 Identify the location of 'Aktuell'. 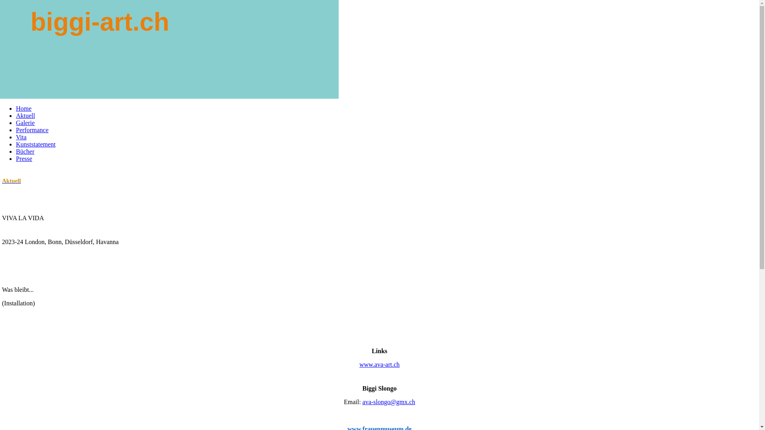
(16, 115).